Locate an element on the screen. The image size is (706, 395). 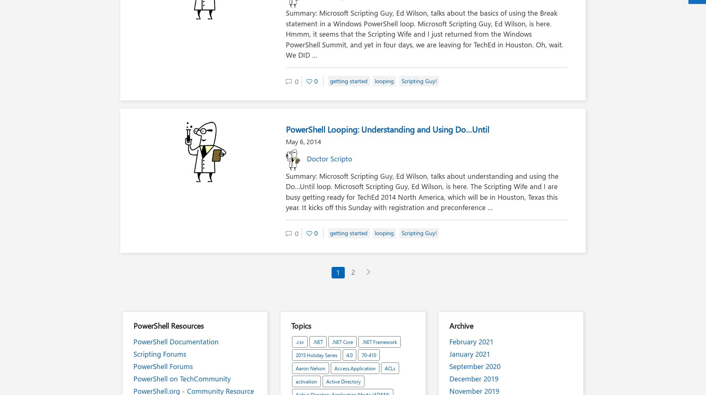
'Archive' is located at coordinates (461, 325).